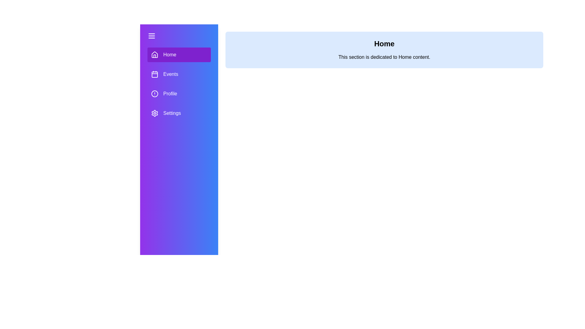 The height and width of the screenshot is (329, 585). Describe the element at coordinates (155, 74) in the screenshot. I see `the calendar icon located in the 'Events' menu, which is the second item in the vertical navigation drawer` at that location.